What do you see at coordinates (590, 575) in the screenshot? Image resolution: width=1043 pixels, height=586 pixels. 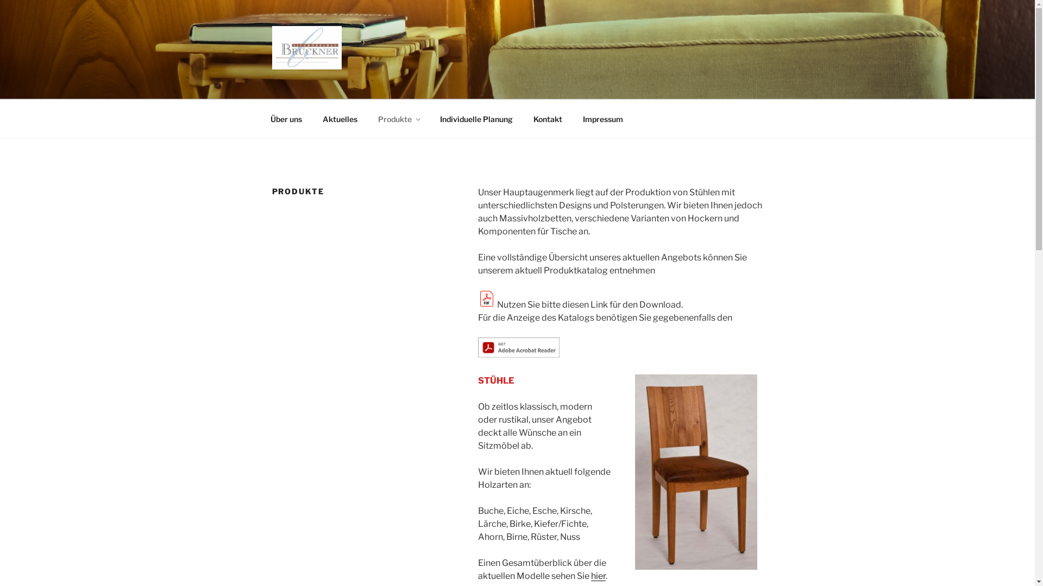 I see `'hier'` at bounding box center [590, 575].